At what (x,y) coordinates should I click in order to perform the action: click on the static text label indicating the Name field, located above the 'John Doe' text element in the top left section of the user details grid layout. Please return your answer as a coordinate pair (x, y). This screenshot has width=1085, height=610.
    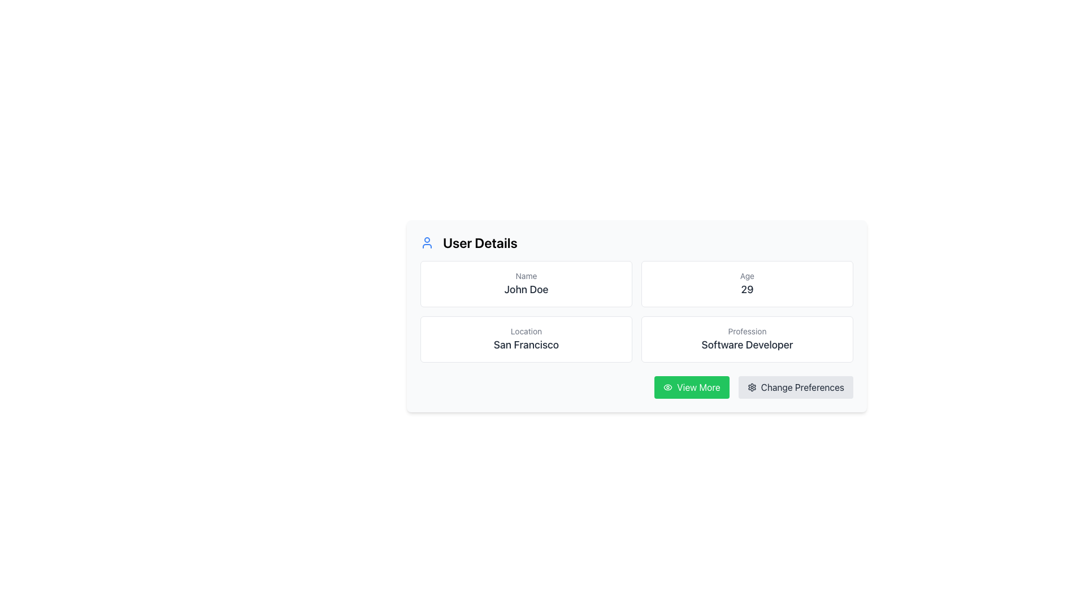
    Looking at the image, I should click on (526, 276).